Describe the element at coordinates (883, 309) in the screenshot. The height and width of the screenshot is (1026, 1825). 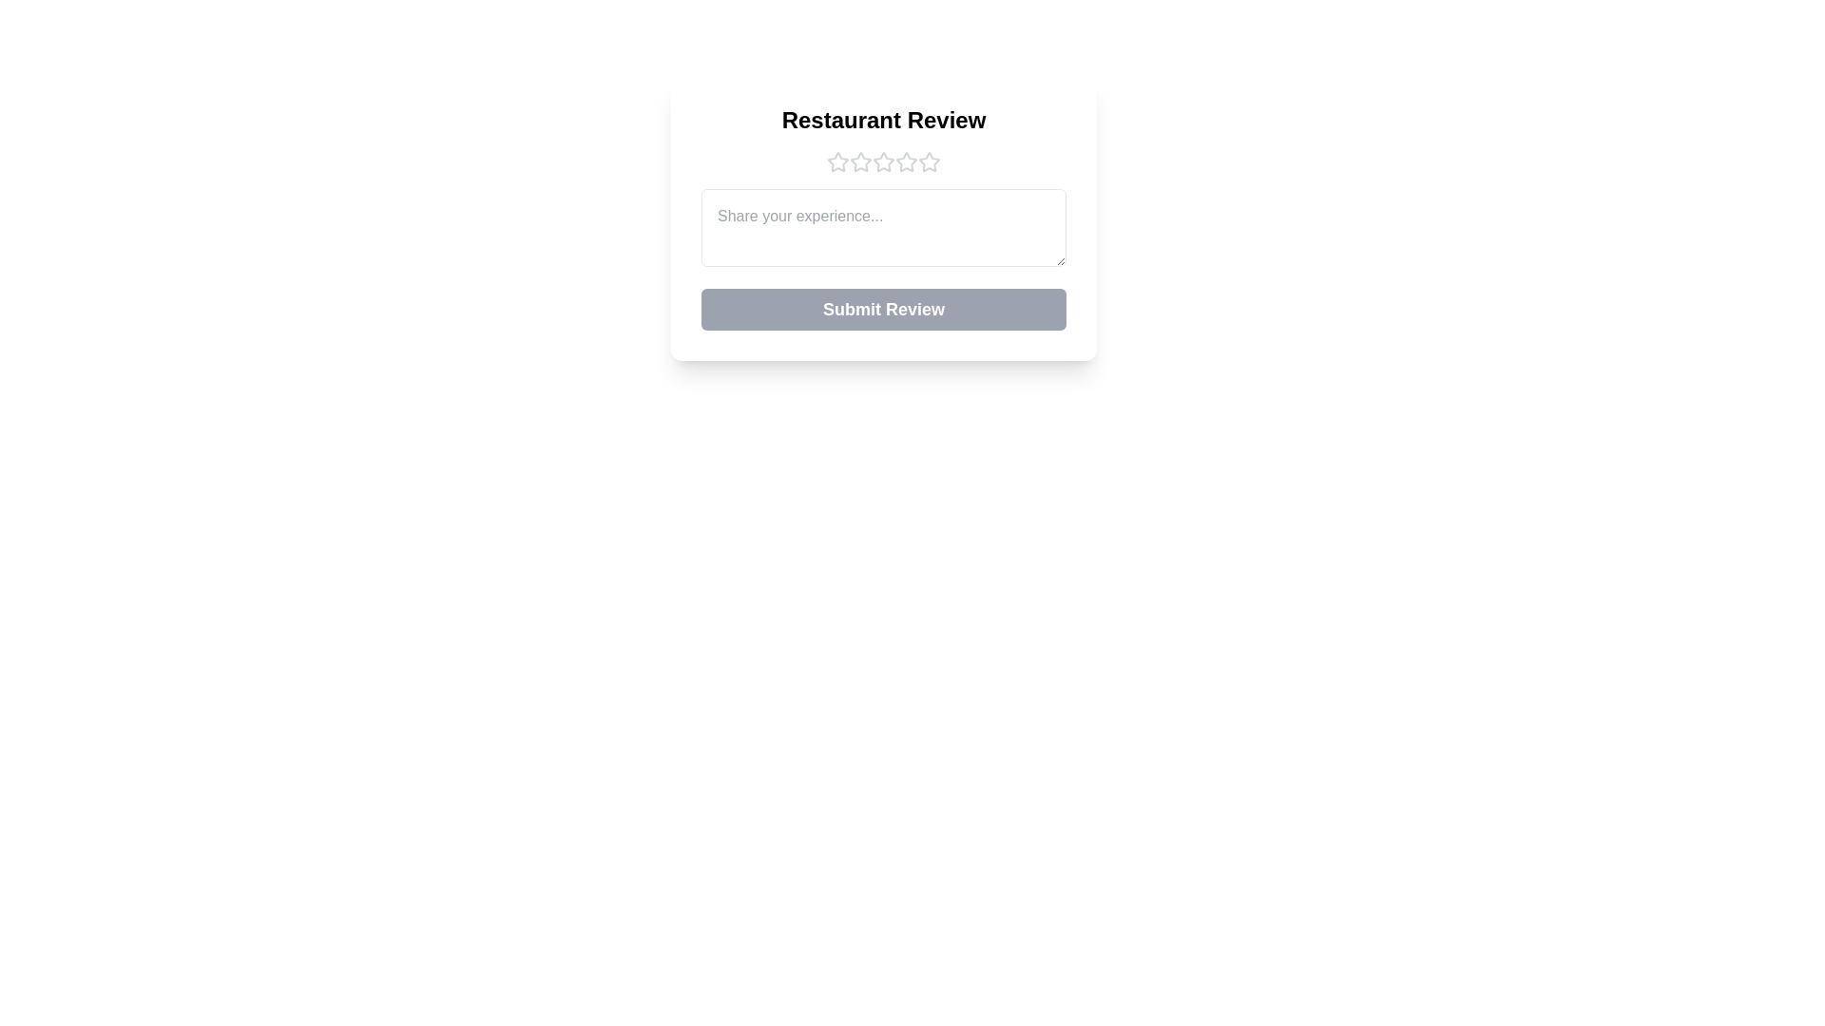
I see `'Submit Review' button to submit the review` at that location.